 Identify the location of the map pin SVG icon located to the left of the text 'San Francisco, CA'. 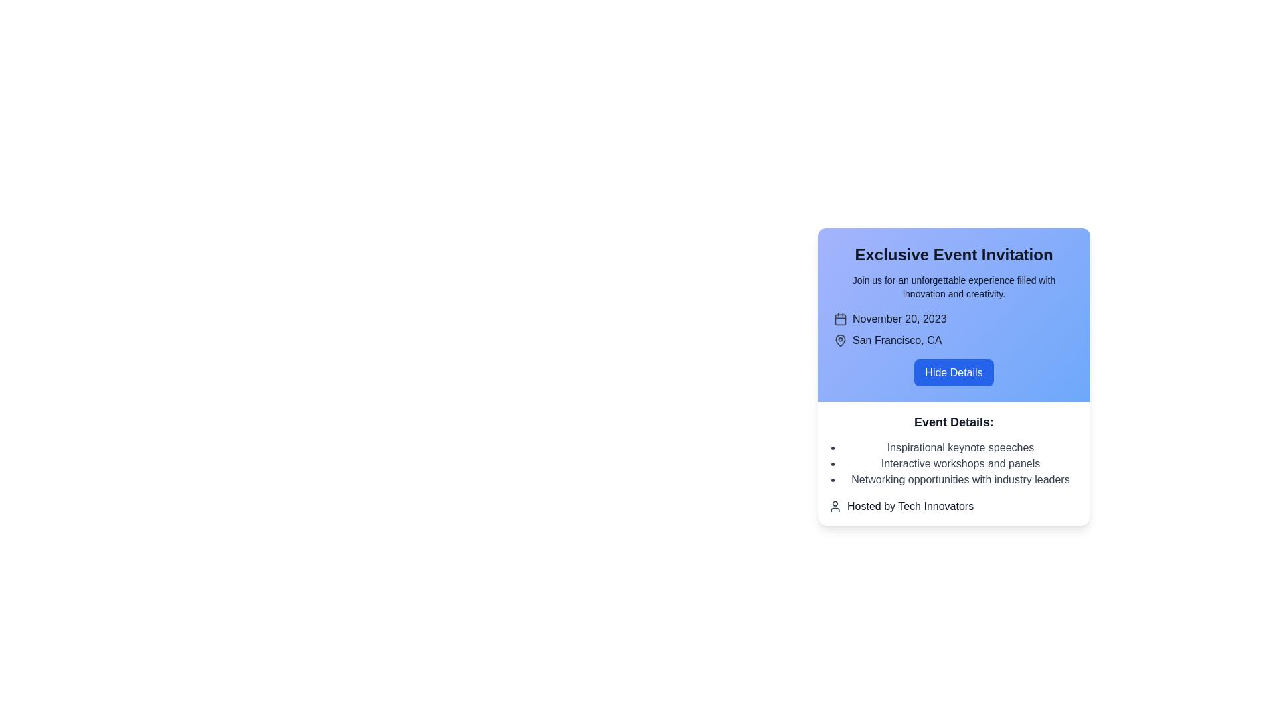
(840, 340).